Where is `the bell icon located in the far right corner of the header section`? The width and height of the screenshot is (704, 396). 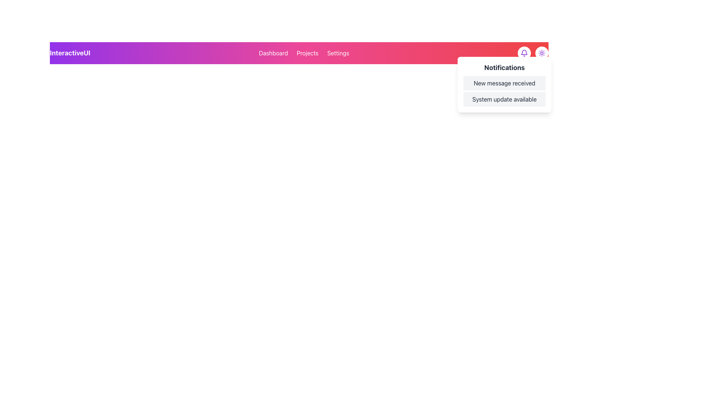
the bell icon located in the far right corner of the header section is located at coordinates (533, 53).